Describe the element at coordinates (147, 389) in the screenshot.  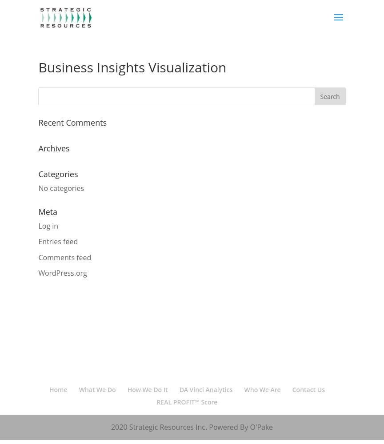
I see `'How We Do It'` at that location.